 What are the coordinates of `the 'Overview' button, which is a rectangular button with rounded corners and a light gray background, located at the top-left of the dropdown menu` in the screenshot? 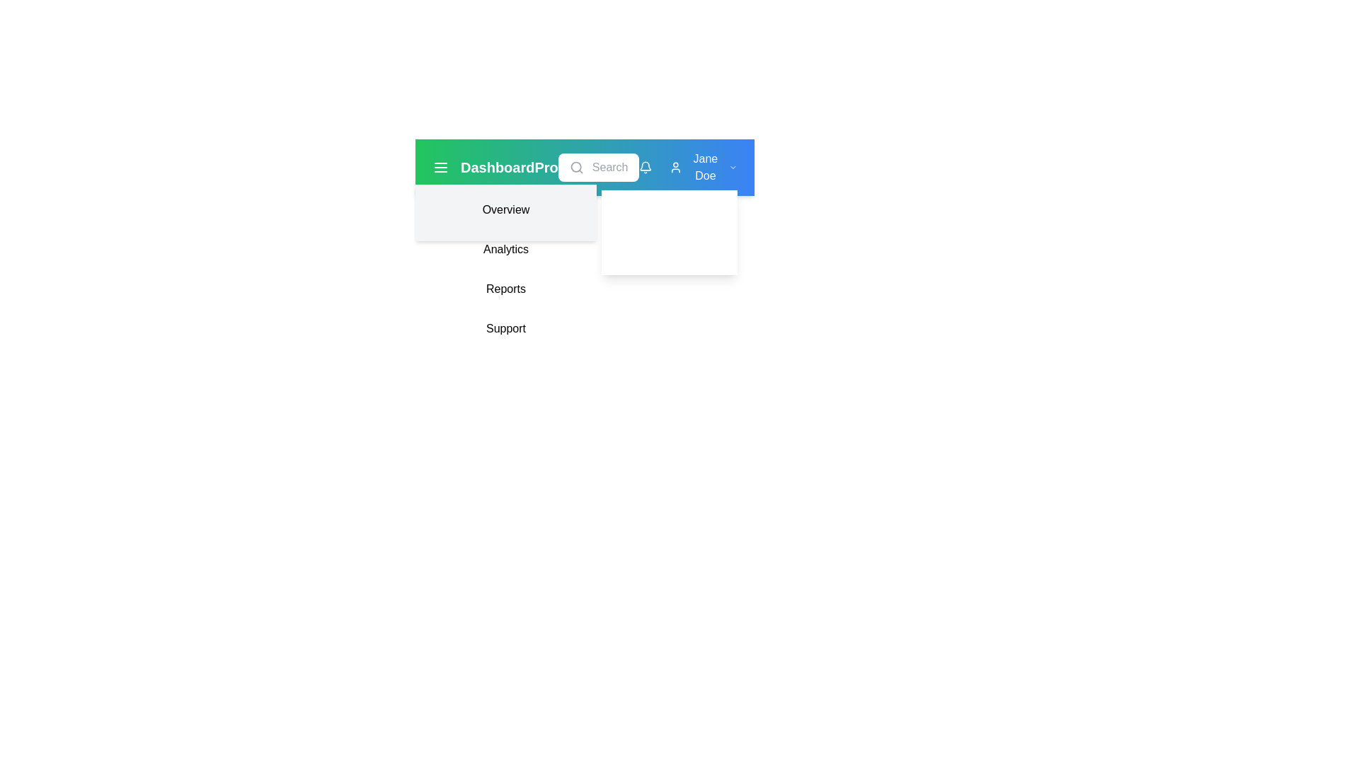 It's located at (506, 210).